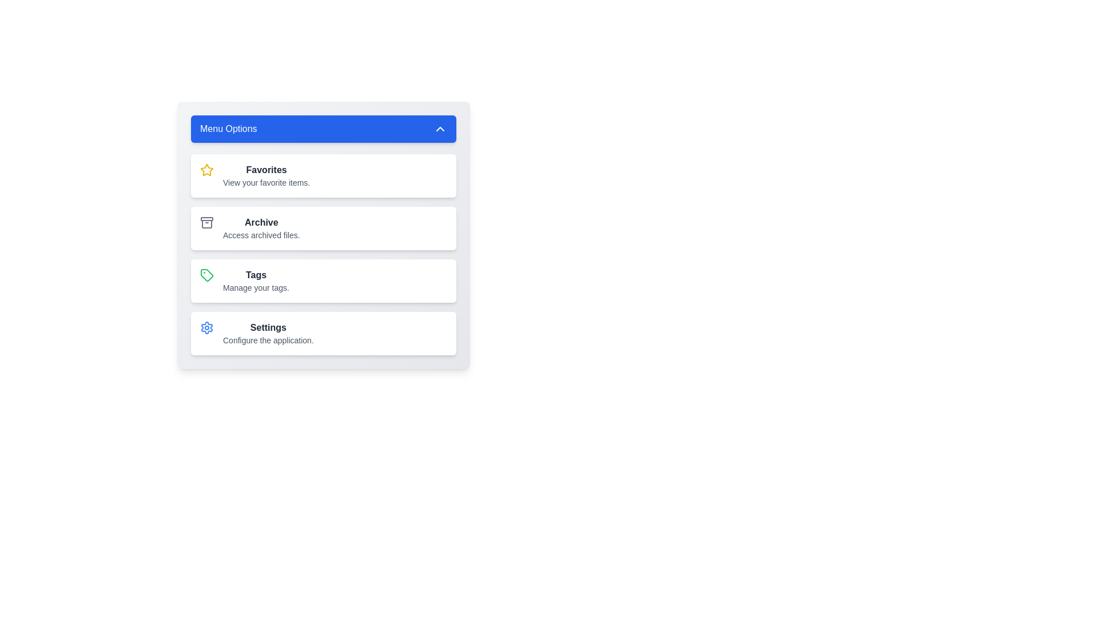 The image size is (1098, 617). I want to click on the Archive icon located to the left of the Archive text label in the menu's vertical list, so click(206, 222).